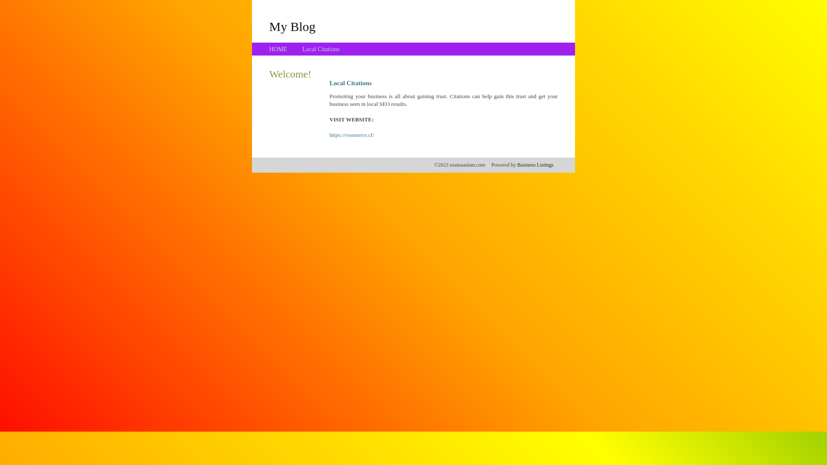  What do you see at coordinates (268, 49) in the screenshot?
I see `'HOME'` at bounding box center [268, 49].